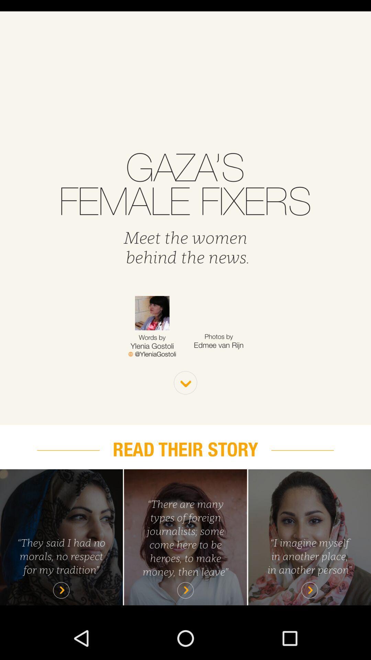 This screenshot has height=660, width=371. I want to click on show more, so click(185, 382).